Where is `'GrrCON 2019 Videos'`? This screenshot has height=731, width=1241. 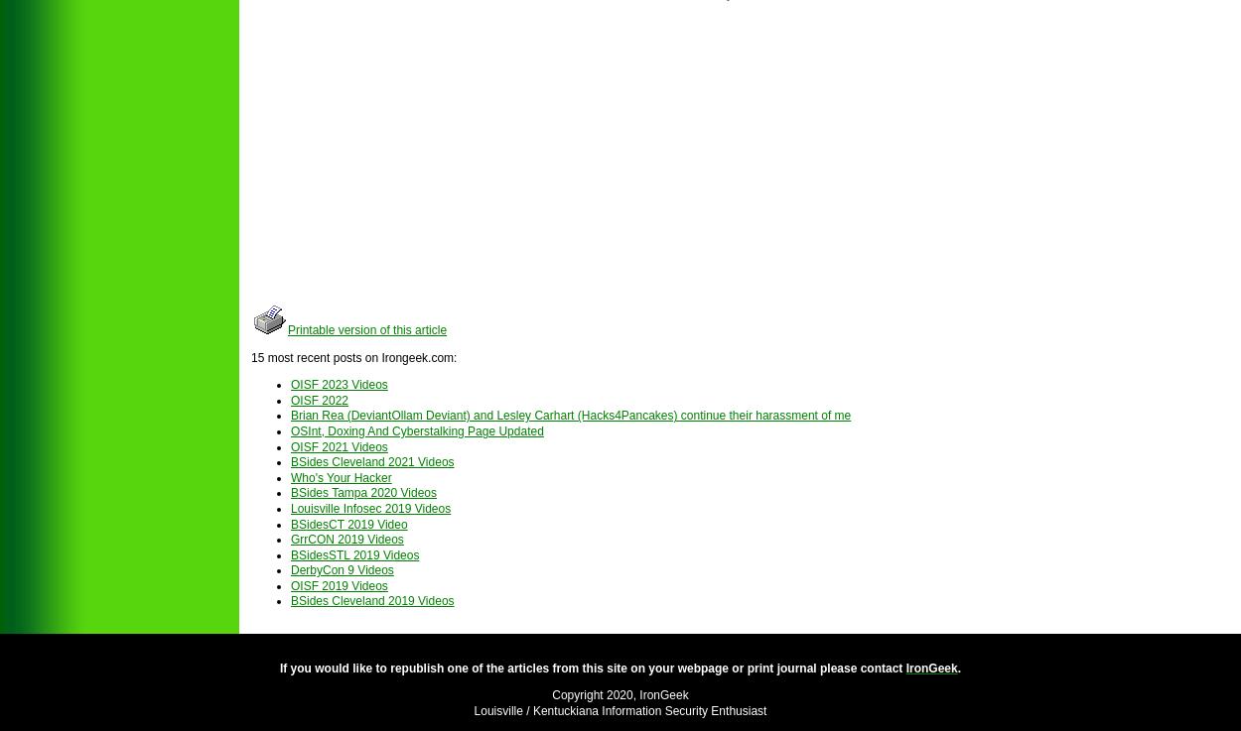
'GrrCON 2019 Videos' is located at coordinates (345, 539).